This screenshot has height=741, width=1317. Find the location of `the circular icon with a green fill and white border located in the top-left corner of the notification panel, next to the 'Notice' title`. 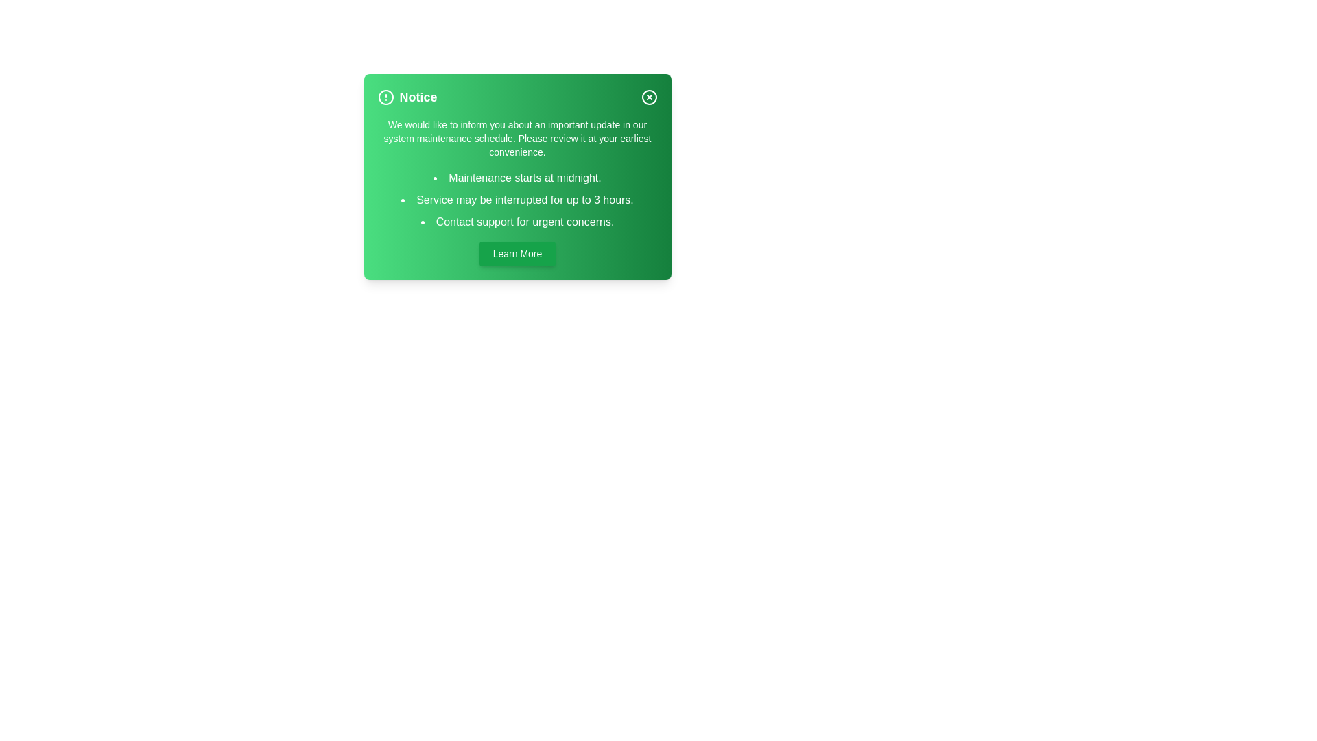

the circular icon with a green fill and white border located in the top-left corner of the notification panel, next to the 'Notice' title is located at coordinates (385, 97).